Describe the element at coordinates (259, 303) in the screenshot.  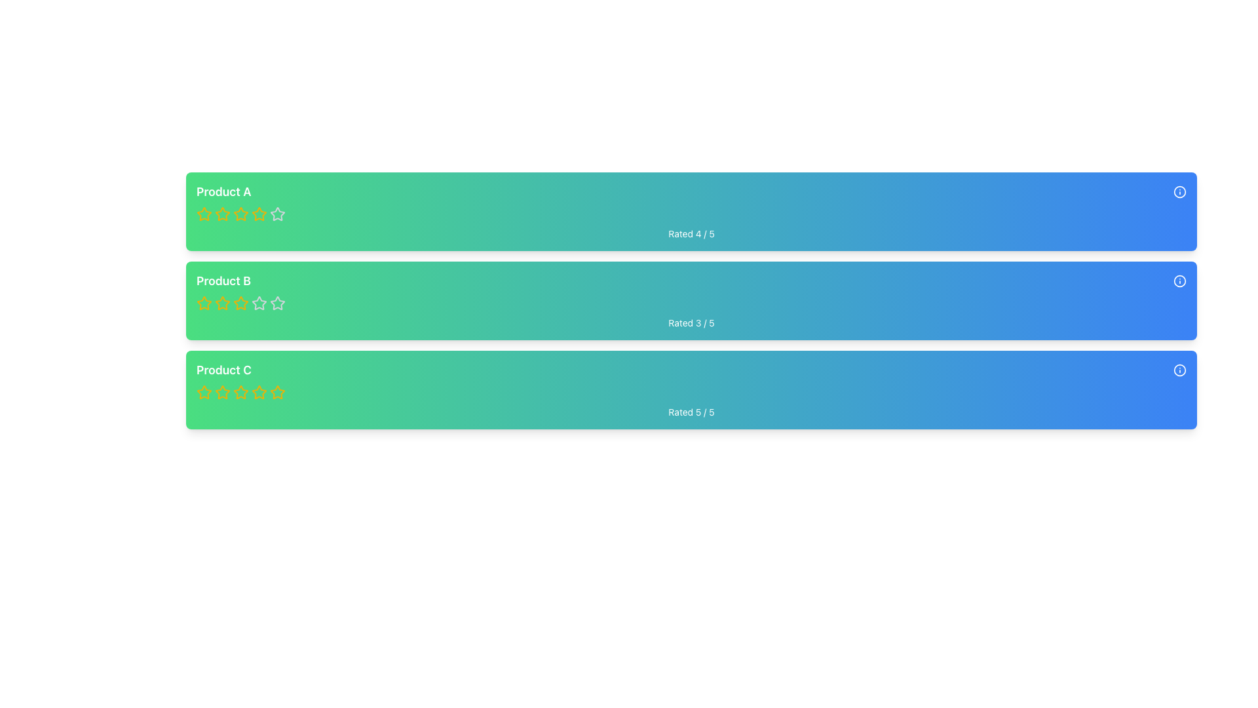
I see `the sixth star icon representing the rating for 'Product B', which is currently in an unselected state` at that location.